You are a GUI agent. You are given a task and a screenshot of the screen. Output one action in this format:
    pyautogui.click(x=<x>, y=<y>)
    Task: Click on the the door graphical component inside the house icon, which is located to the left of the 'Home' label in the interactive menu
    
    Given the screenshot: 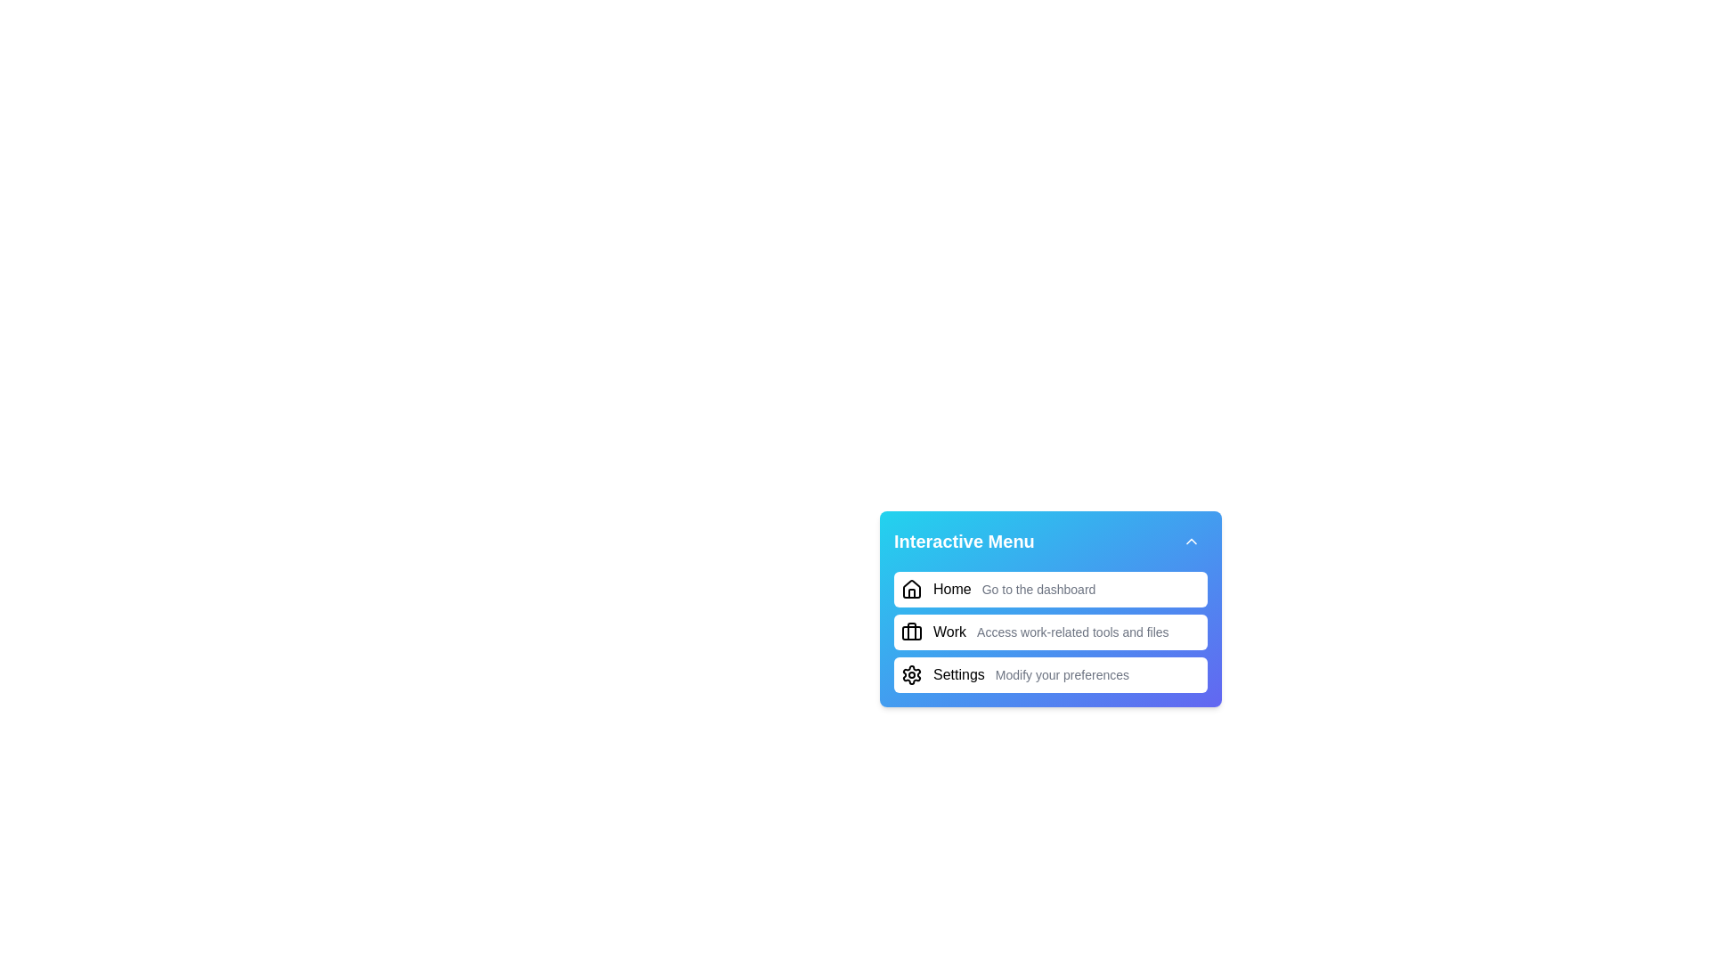 What is the action you would take?
    pyautogui.click(x=911, y=593)
    